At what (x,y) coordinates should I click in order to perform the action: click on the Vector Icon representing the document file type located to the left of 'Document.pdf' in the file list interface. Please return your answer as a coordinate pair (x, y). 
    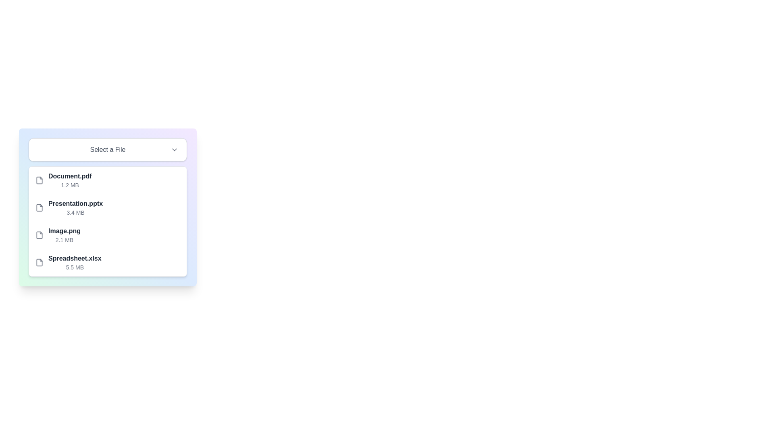
    Looking at the image, I should click on (39, 180).